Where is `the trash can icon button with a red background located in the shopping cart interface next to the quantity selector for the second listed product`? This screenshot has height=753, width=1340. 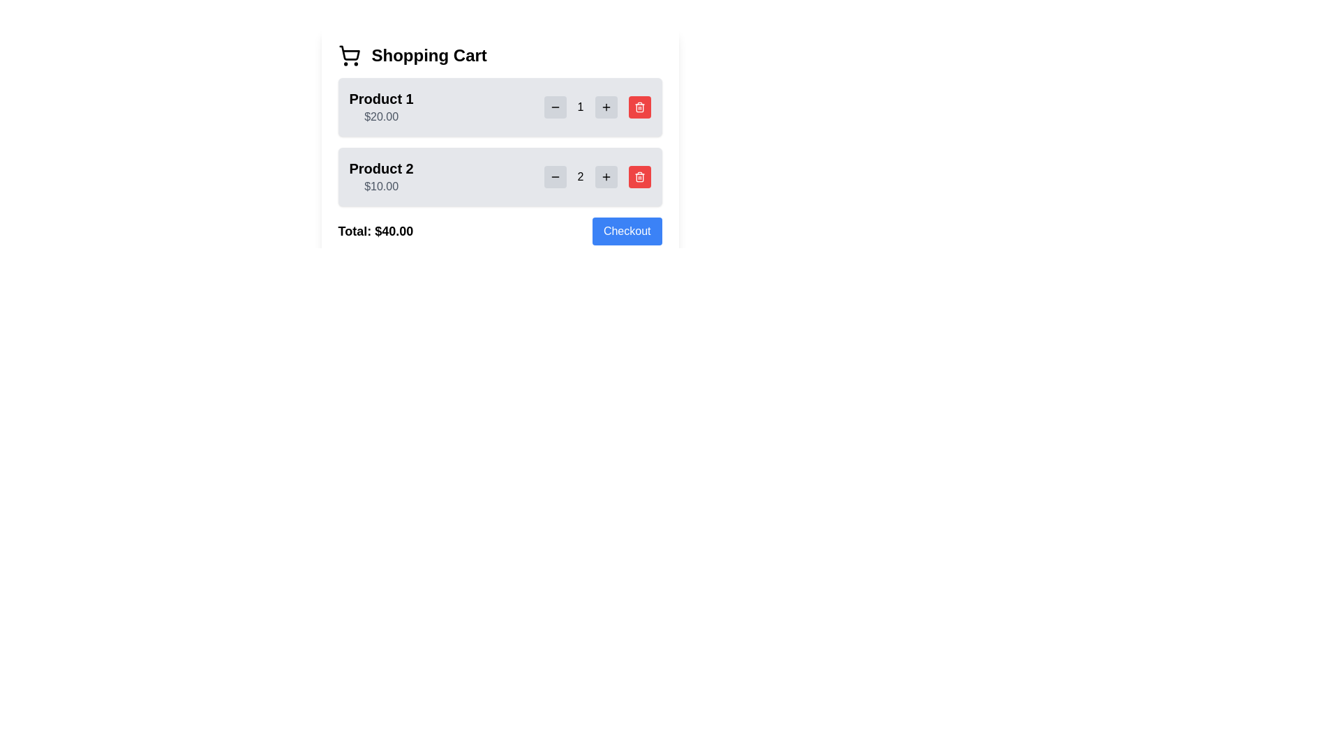 the trash can icon button with a red background located in the shopping cart interface next to the quantity selector for the second listed product is located at coordinates (639, 107).